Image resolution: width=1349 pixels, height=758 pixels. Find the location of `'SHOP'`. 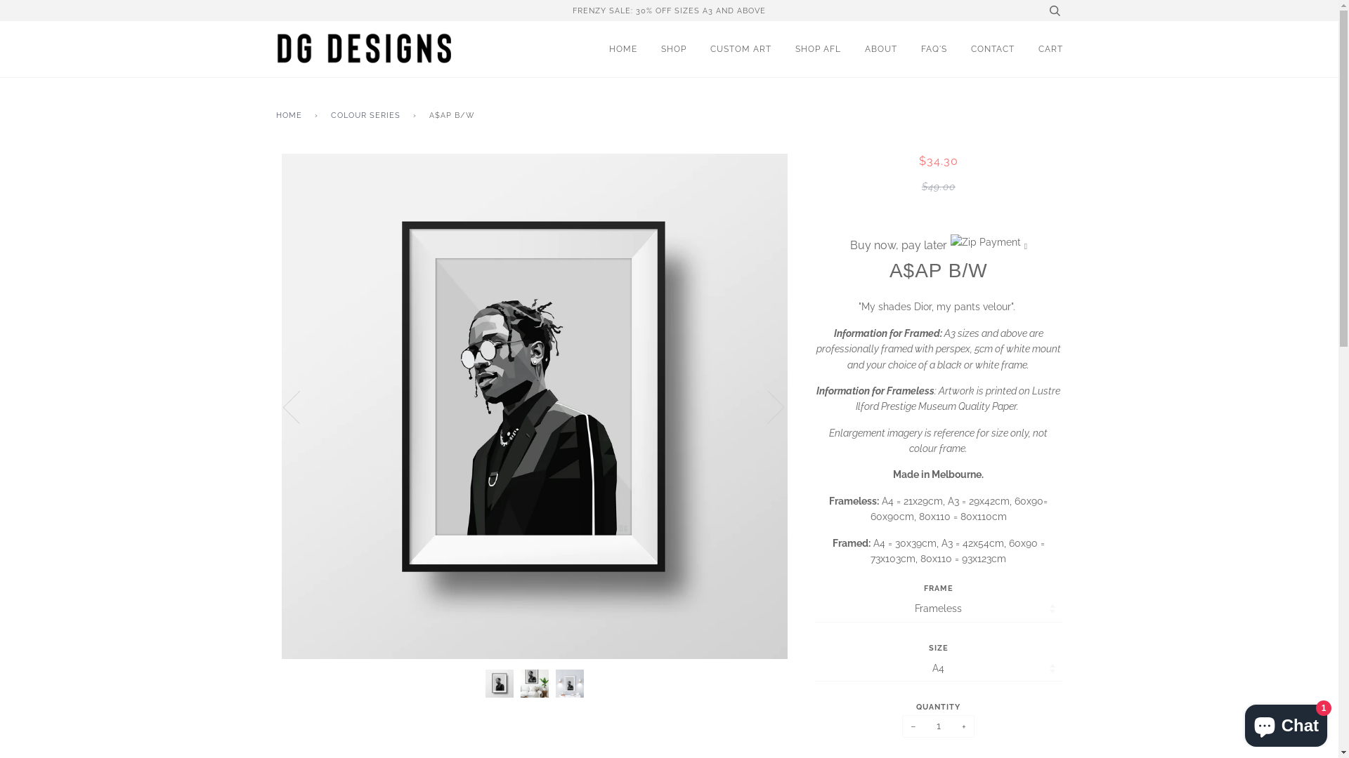

'SHOP' is located at coordinates (660, 48).